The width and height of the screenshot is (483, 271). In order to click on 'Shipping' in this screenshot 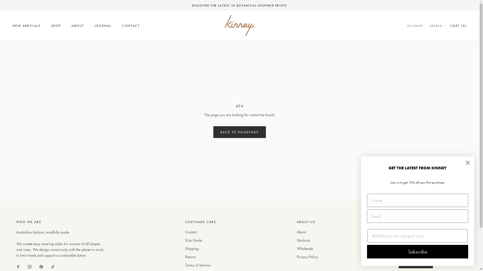, I will do `click(200, 248)`.